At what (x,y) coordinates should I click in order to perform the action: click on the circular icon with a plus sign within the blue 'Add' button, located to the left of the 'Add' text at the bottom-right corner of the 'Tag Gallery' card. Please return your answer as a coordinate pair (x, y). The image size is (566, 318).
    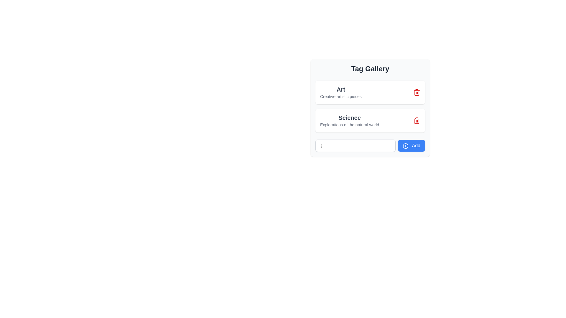
    Looking at the image, I should click on (405, 146).